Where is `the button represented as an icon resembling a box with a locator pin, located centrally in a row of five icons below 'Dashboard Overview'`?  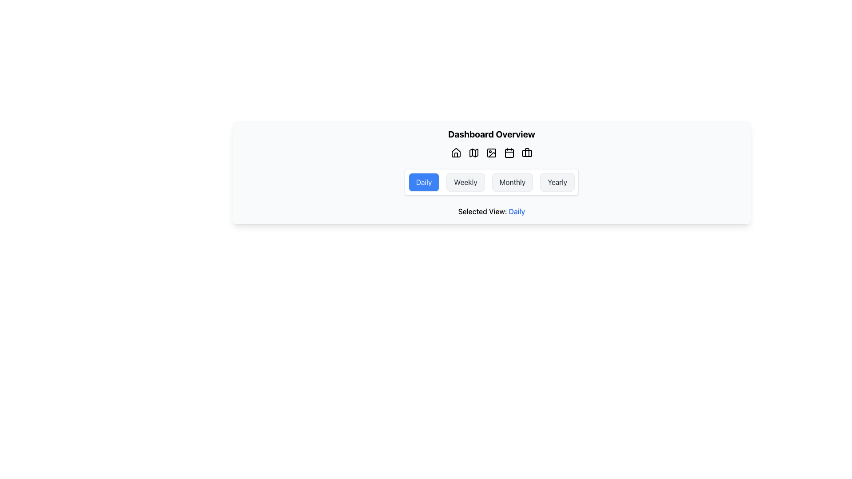 the button represented as an icon resembling a box with a locator pin, located centrally in a row of five icons below 'Dashboard Overview' is located at coordinates (491, 152).